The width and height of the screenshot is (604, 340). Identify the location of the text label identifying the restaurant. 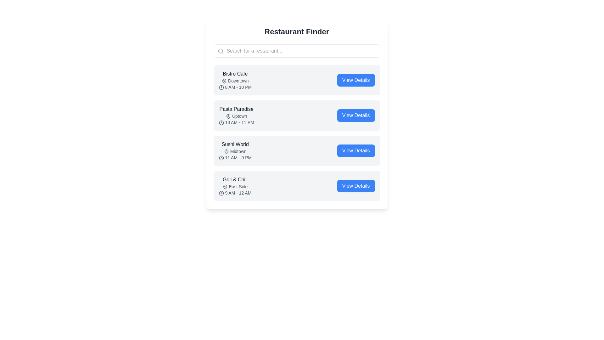
(235, 74).